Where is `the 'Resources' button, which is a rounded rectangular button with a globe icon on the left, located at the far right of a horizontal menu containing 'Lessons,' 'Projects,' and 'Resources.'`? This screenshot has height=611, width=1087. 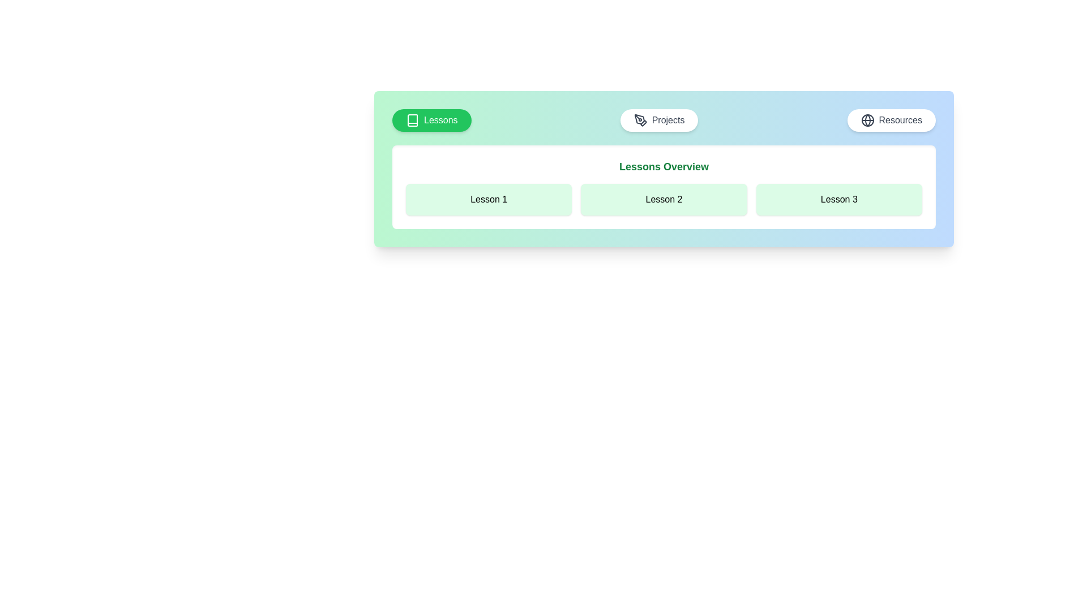
the 'Resources' button, which is a rounded rectangular button with a globe icon on the left, located at the far right of a horizontal menu containing 'Lessons,' 'Projects,' and 'Resources.' is located at coordinates (891, 120).